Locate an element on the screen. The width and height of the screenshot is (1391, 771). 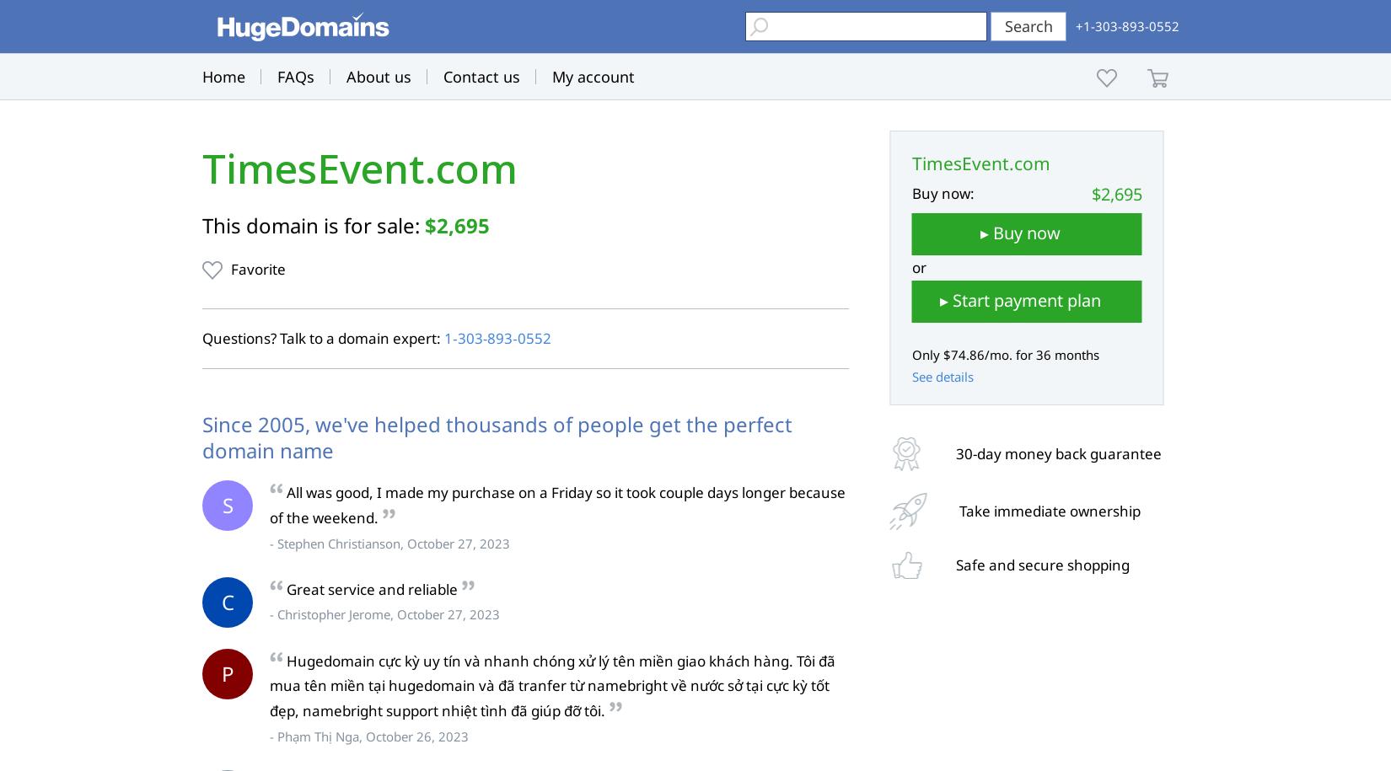
'Search' is located at coordinates (1028, 26).